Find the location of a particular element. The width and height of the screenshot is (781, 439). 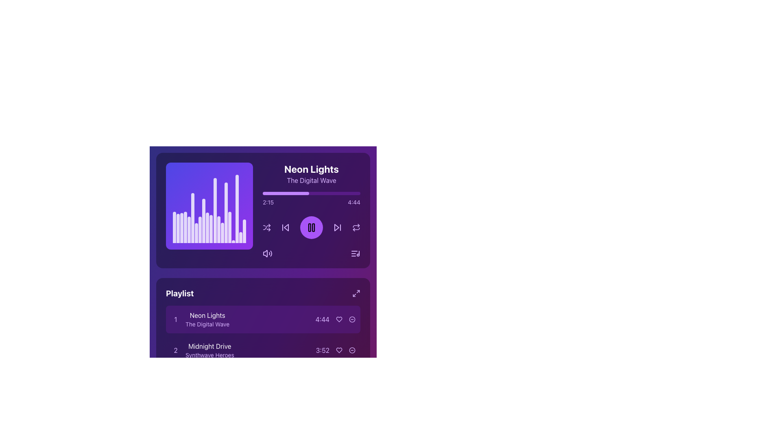

the purple circular Interactive icon button located in the last column of the playlist row for the song 'Neon Lights' is located at coordinates (352, 319).